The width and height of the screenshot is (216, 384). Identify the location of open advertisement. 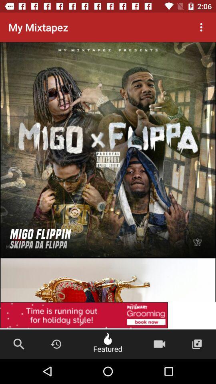
(108, 316).